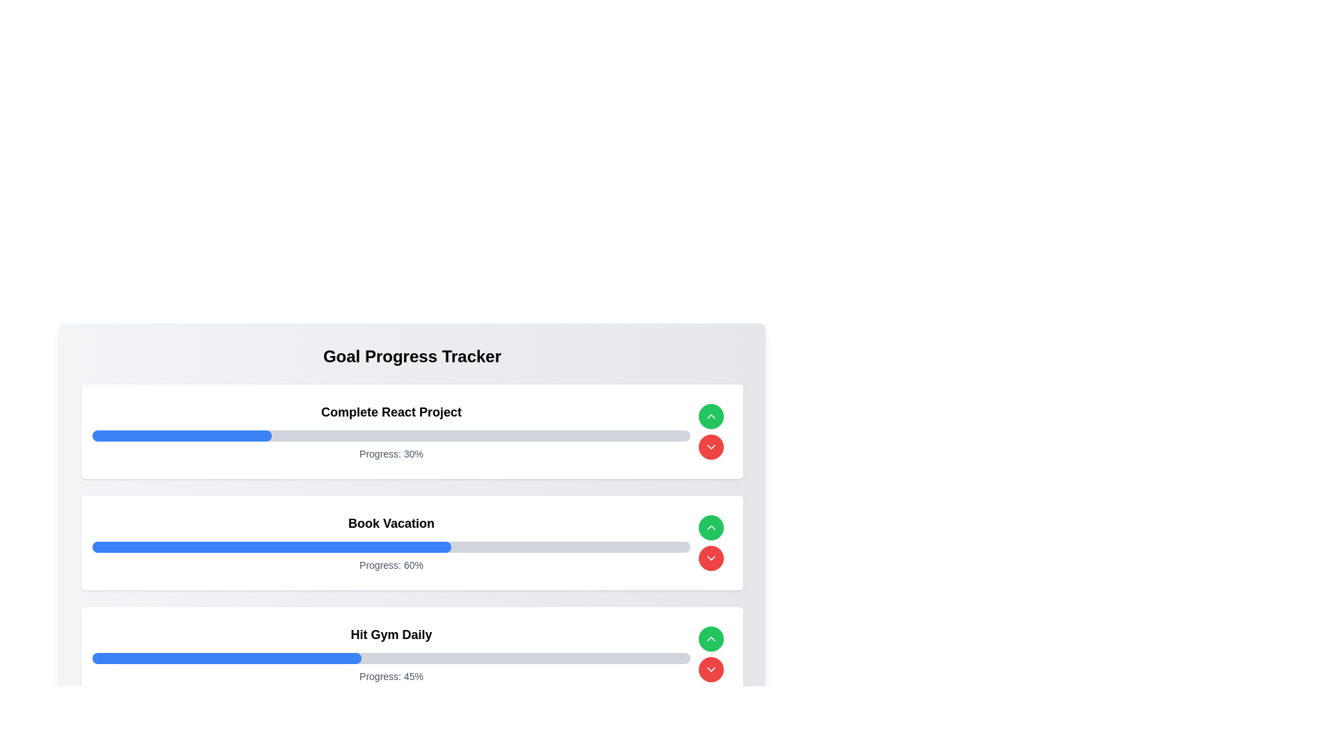 The height and width of the screenshot is (751, 1335). Describe the element at coordinates (390, 565) in the screenshot. I see `the feedback Text label that displays the numerical progress percentage, located below the 'Book Vacation' text and above the 'Hit Gym Daily' section` at that location.